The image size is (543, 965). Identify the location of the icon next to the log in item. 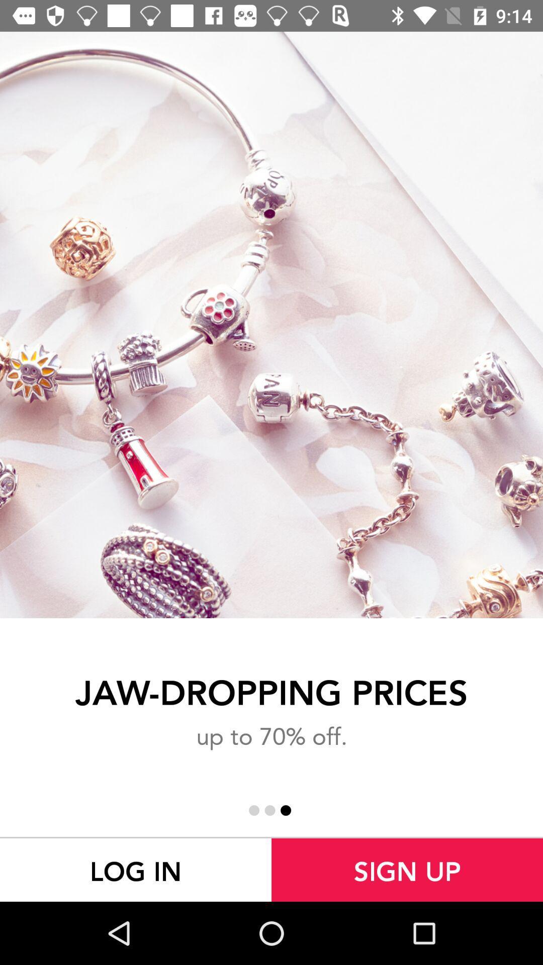
(407, 870).